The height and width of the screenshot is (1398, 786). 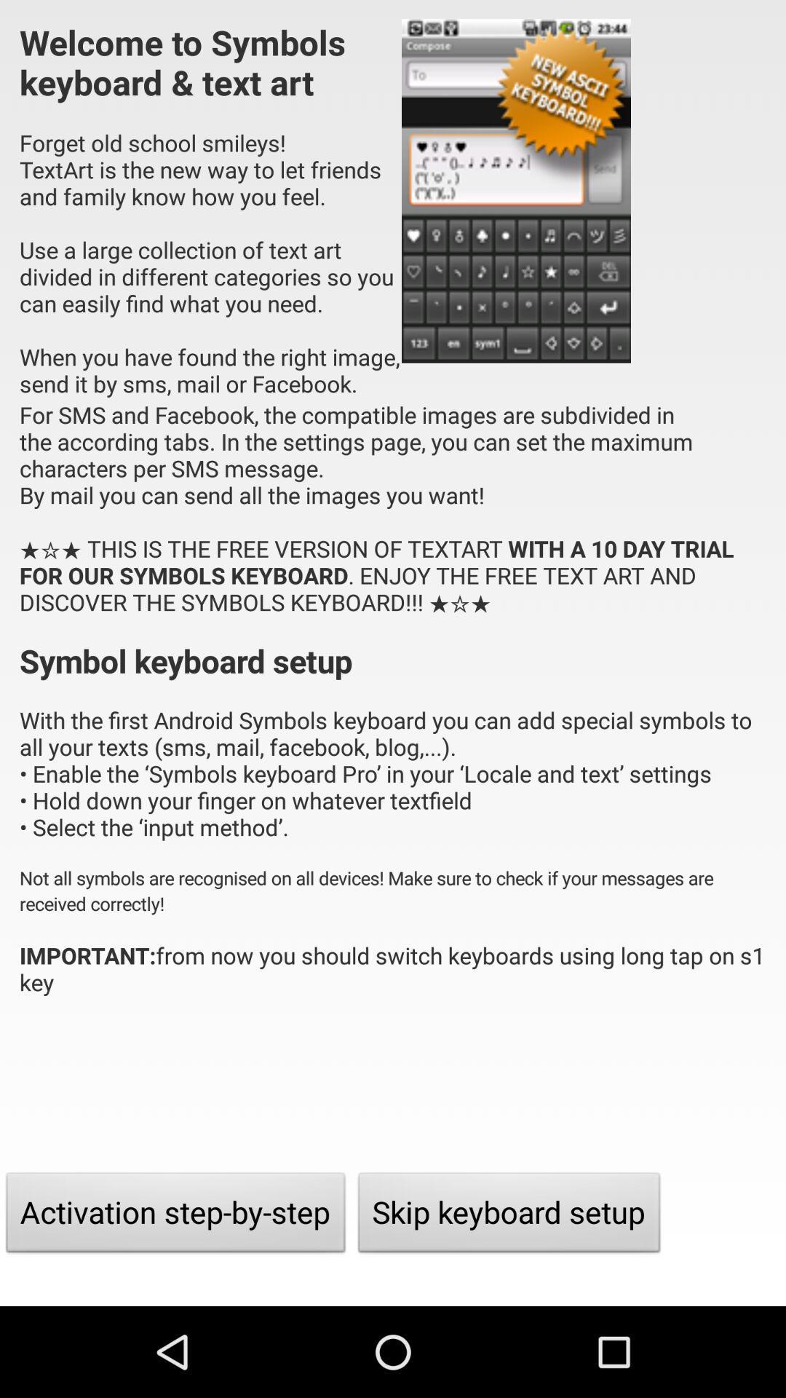 What do you see at coordinates (509, 1216) in the screenshot?
I see `the item at the bottom` at bounding box center [509, 1216].